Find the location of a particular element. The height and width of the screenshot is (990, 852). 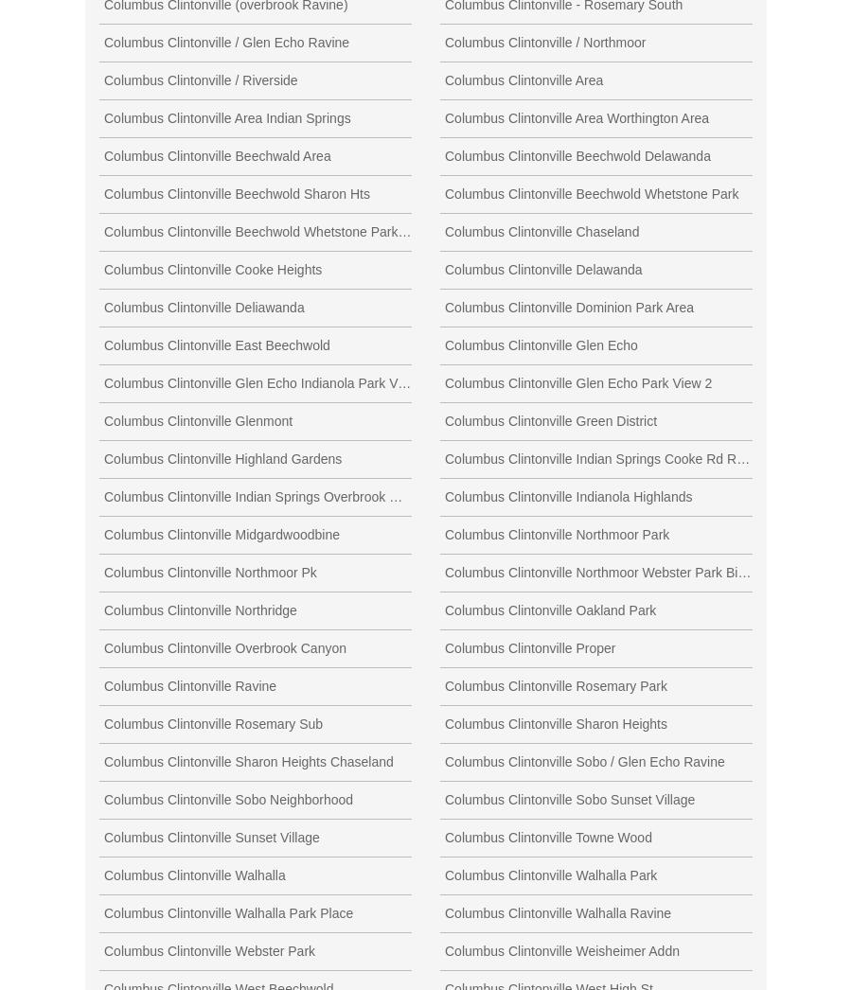

'Columbus Clintonville Sobo / Glen Echo Ravine' is located at coordinates (584, 760).